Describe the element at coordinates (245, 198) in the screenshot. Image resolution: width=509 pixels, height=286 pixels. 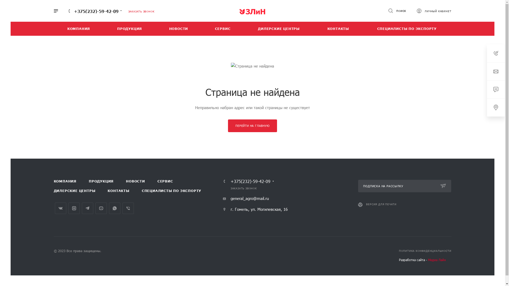
I see `'general_agro@mail.ru'` at that location.